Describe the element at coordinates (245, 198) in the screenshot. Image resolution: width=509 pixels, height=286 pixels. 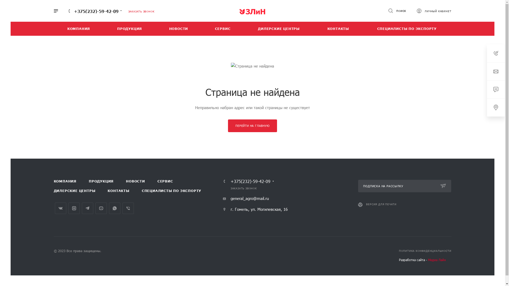
I see `'general_agro@mail.ru'` at that location.